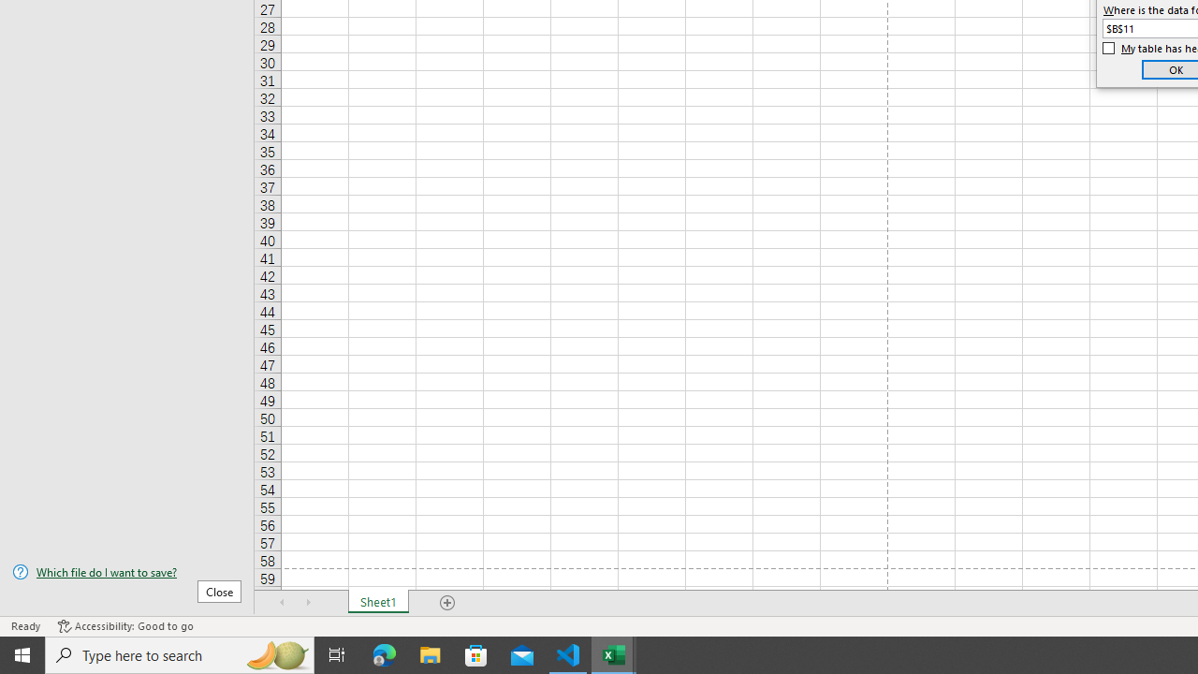 Image resolution: width=1198 pixels, height=674 pixels. I want to click on 'Scroll Right', so click(309, 603).